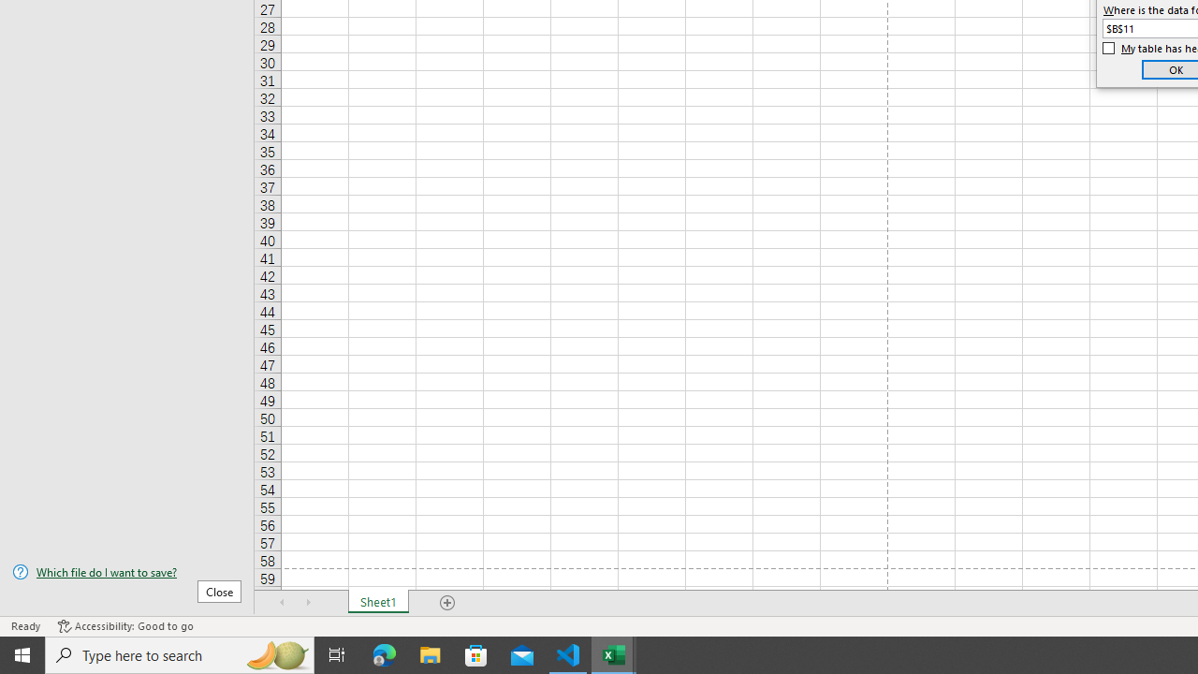 Image resolution: width=1198 pixels, height=674 pixels. I want to click on 'Scroll Right', so click(309, 603).